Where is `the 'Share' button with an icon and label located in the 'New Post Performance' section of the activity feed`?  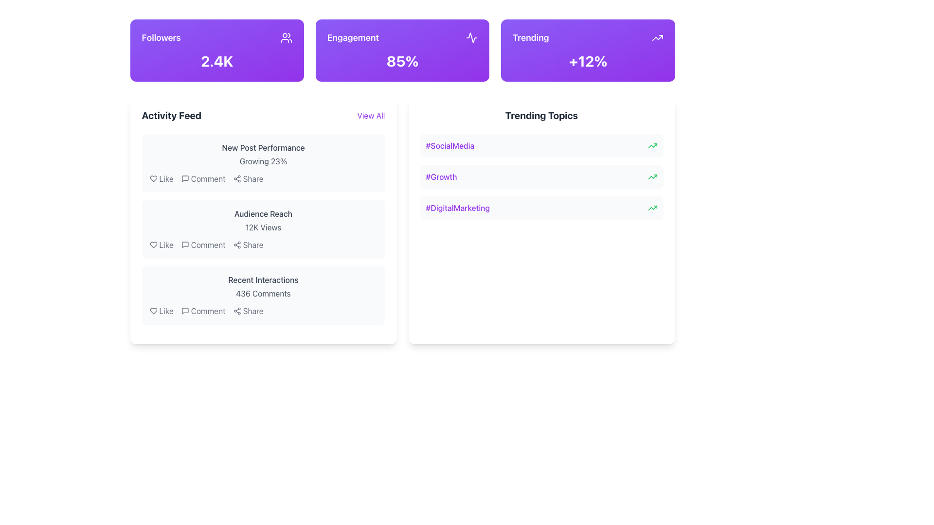
the 'Share' button with an icon and label located in the 'New Post Performance' section of the activity feed is located at coordinates (248, 178).